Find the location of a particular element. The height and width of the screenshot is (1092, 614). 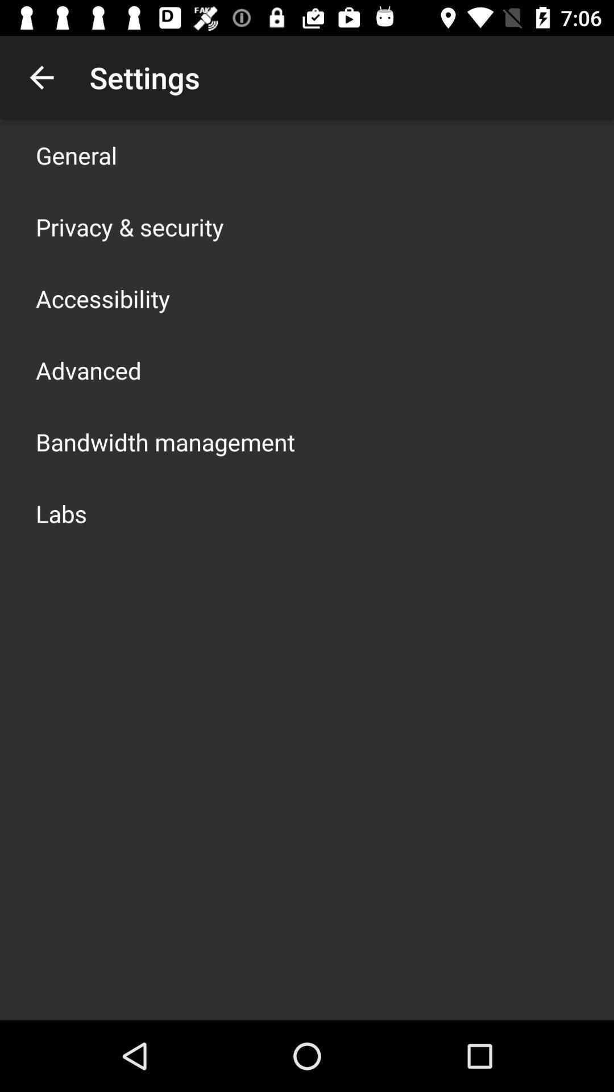

icon next to settings item is located at coordinates (41, 77).